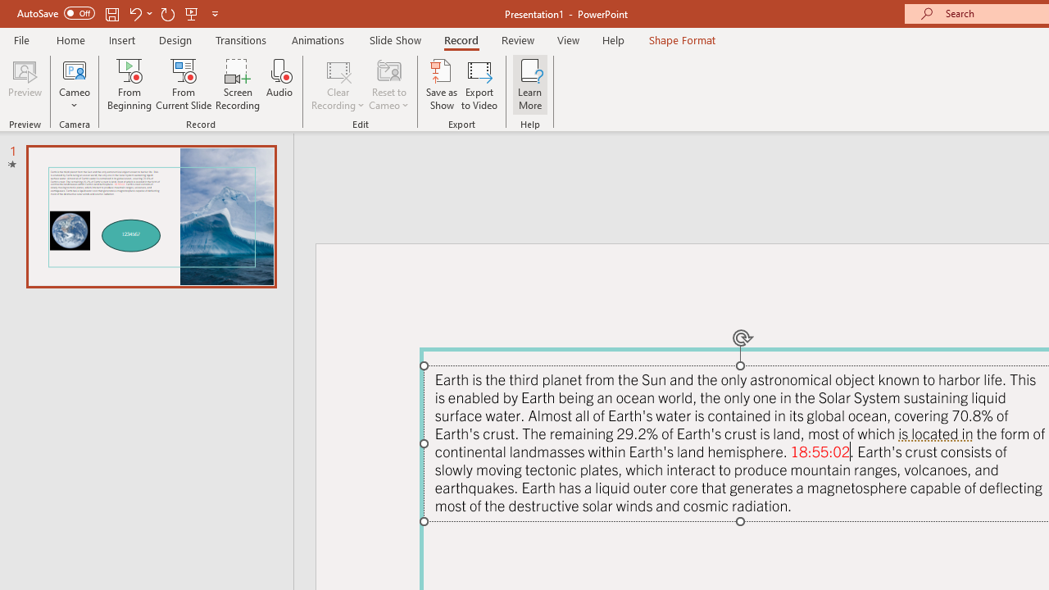 The width and height of the screenshot is (1049, 590). What do you see at coordinates (237, 84) in the screenshot?
I see `'Screen Recording'` at bounding box center [237, 84].